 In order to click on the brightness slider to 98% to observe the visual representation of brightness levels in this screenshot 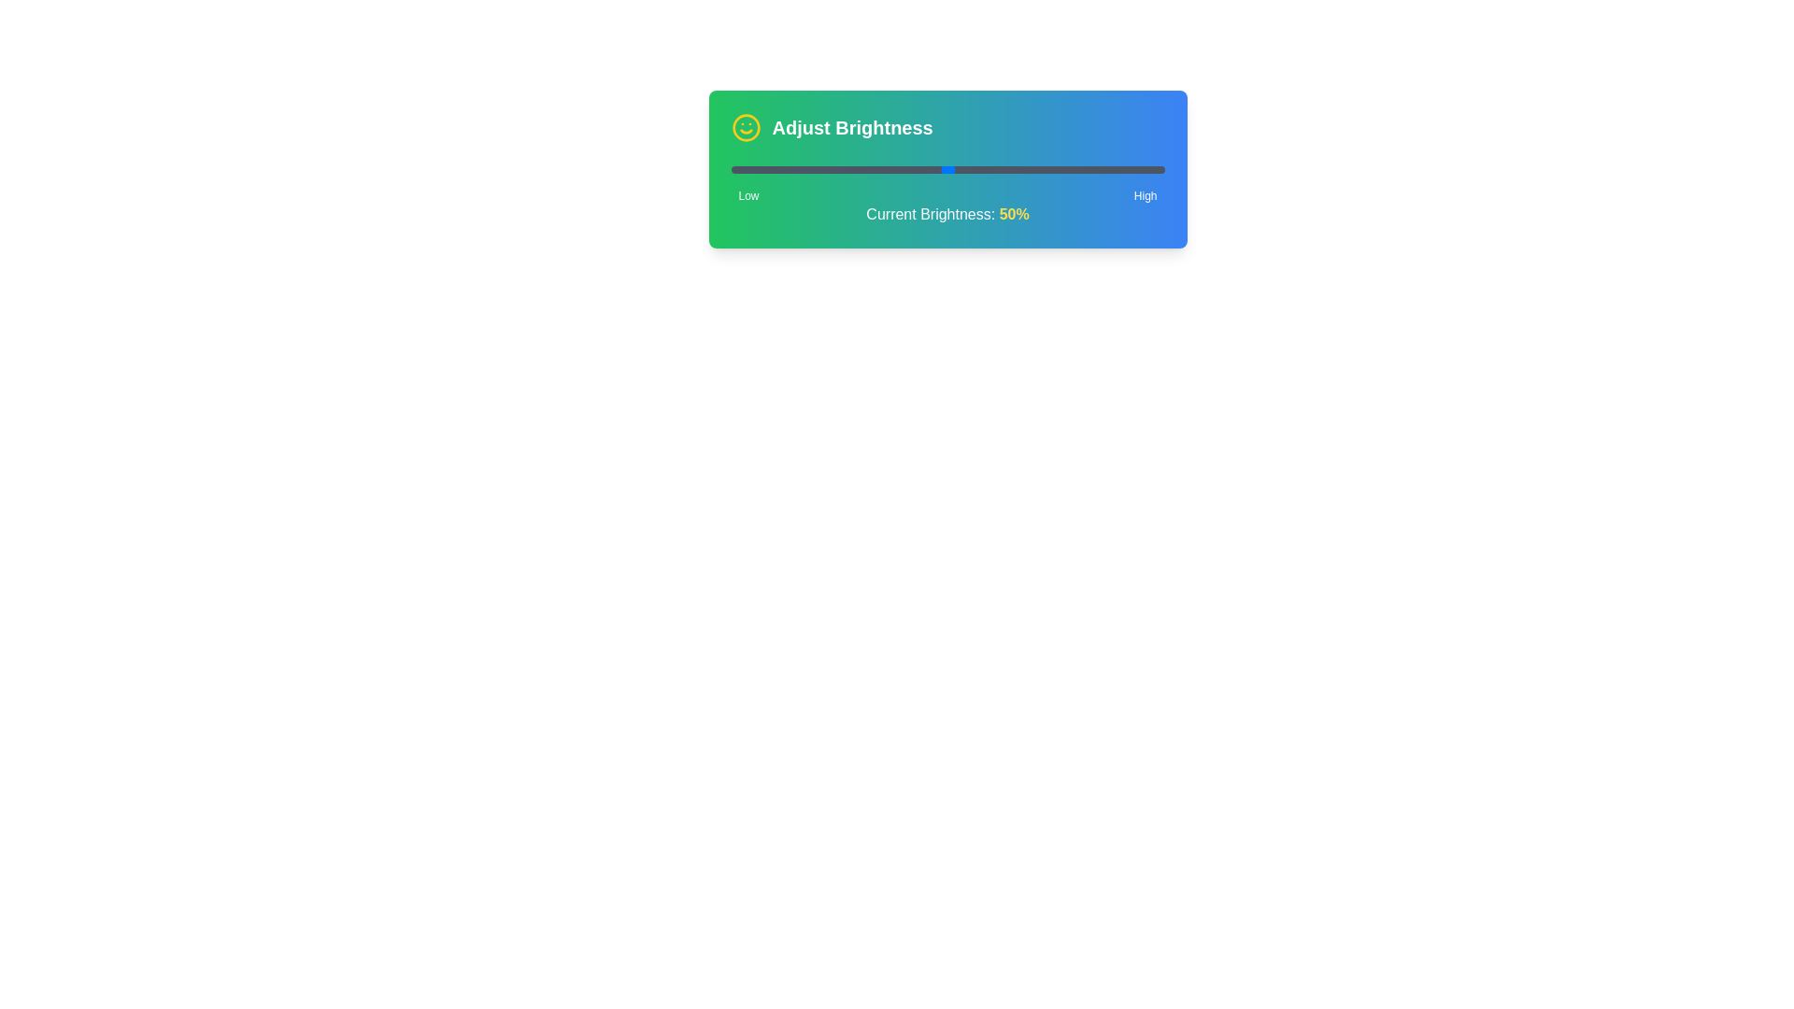, I will do `click(1155, 169)`.